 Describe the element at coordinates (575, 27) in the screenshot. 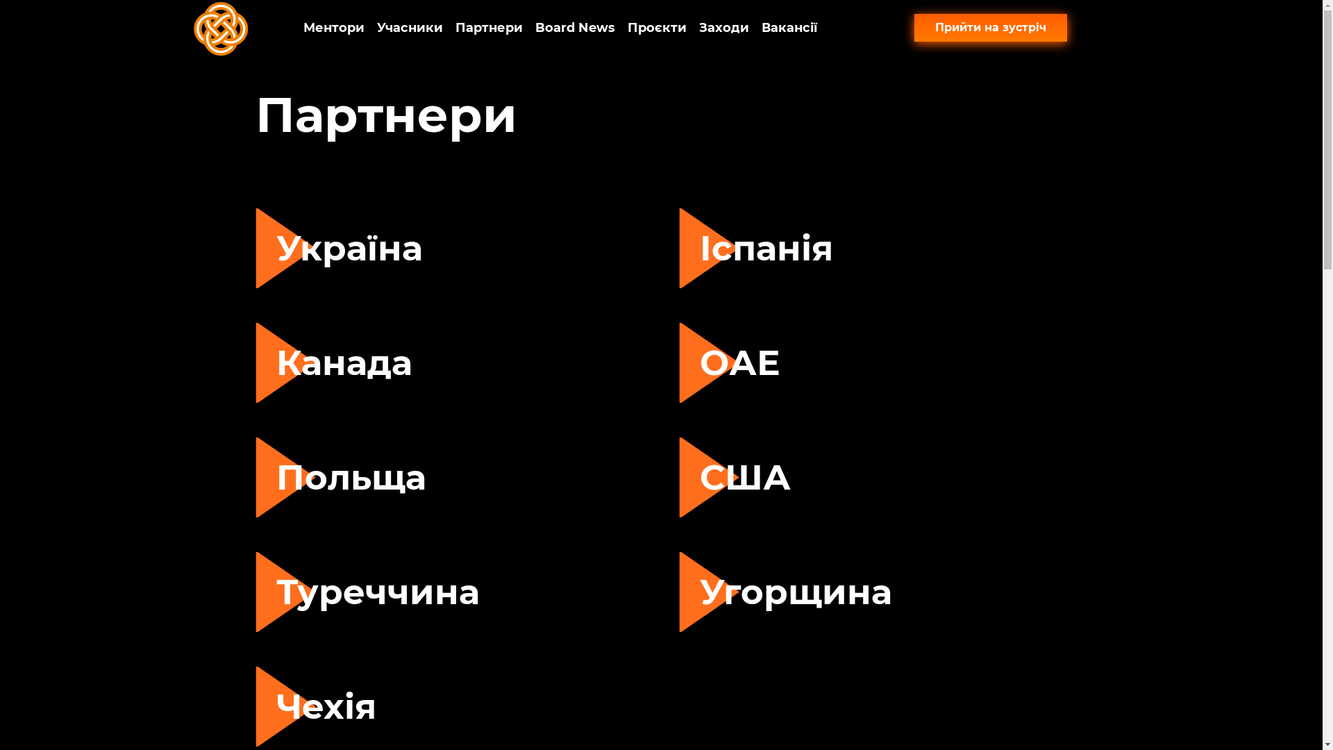

I see `'Board News'` at that location.